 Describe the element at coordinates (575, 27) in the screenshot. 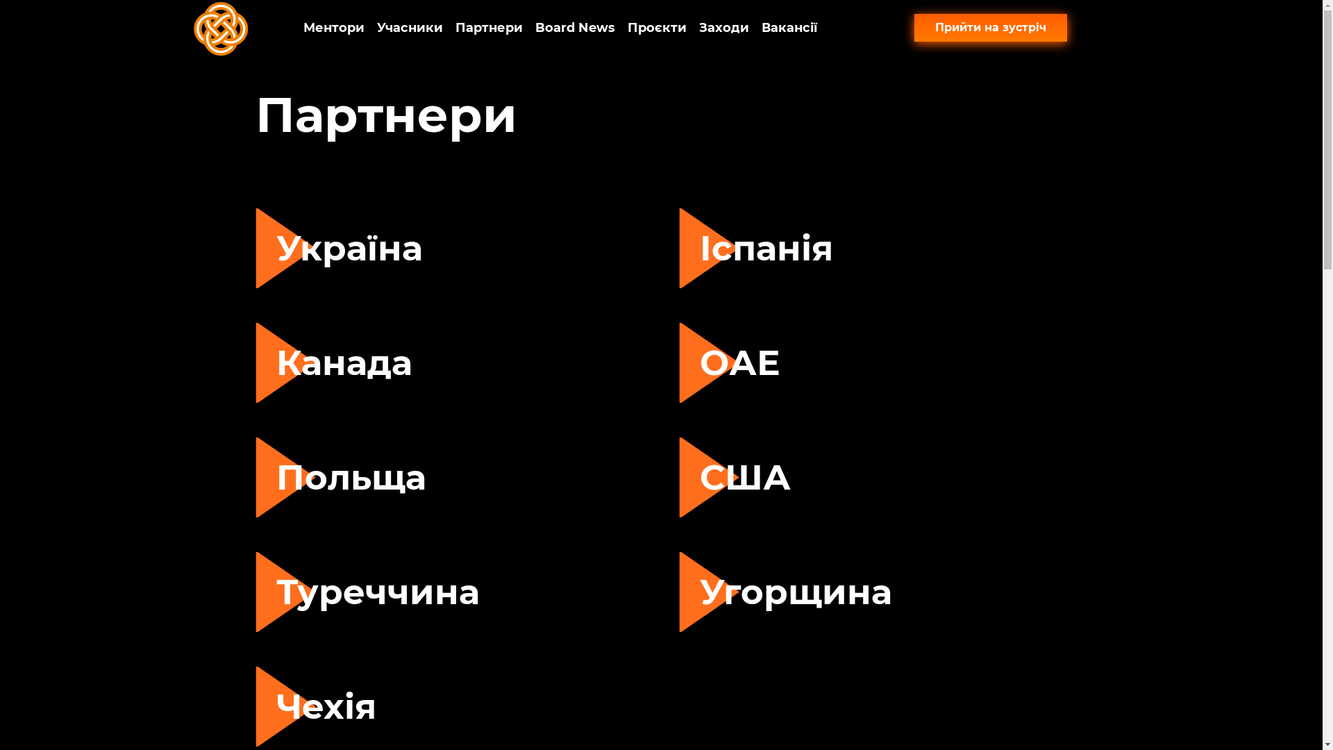

I see `'Board News'` at that location.